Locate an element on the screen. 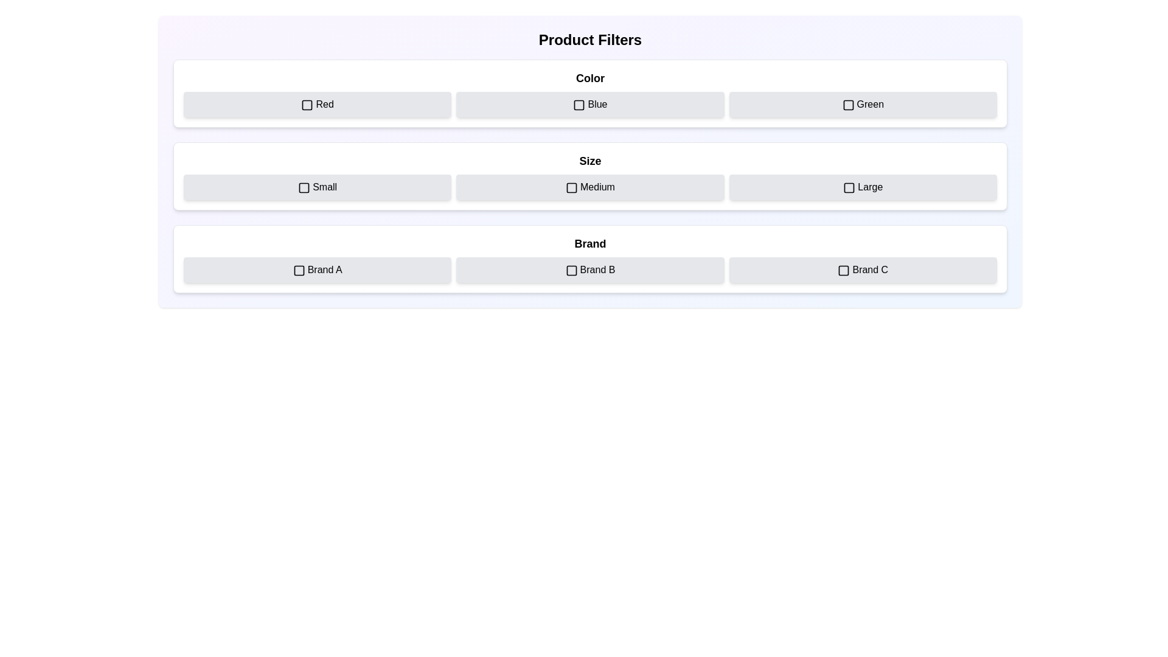 The height and width of the screenshot is (657, 1168). the 'Blue' Checkbox button is located at coordinates (590, 104).